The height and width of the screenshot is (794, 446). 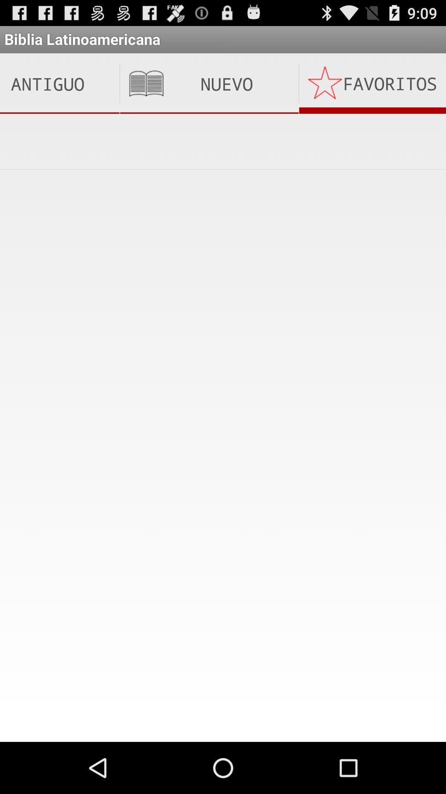 What do you see at coordinates (209, 84) in the screenshot?
I see `the nuevo testamento item` at bounding box center [209, 84].